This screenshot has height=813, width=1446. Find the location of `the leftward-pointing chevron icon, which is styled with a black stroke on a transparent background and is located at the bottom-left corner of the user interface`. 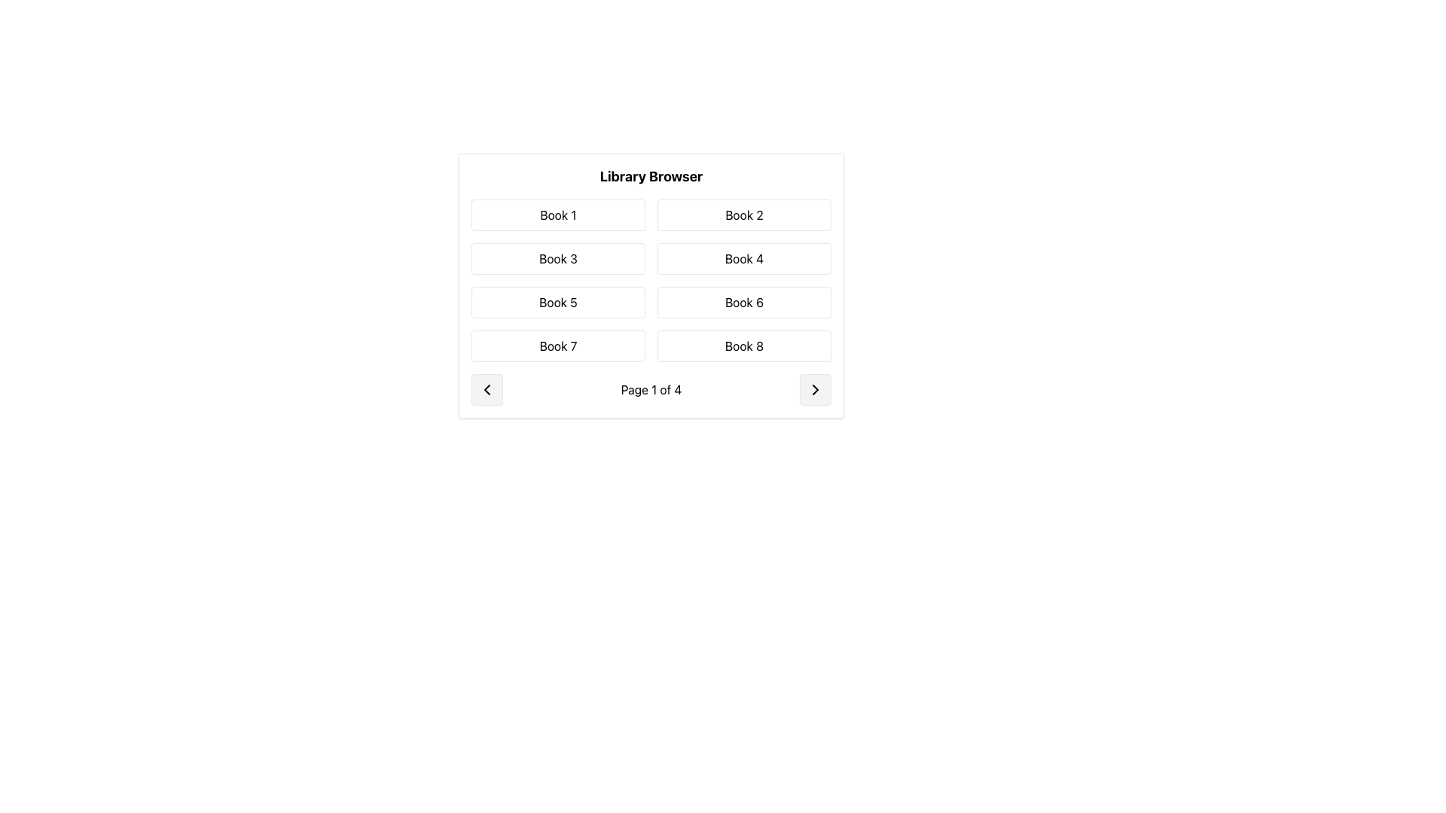

the leftward-pointing chevron icon, which is styled with a black stroke on a transparent background and is located at the bottom-left corner of the user interface is located at coordinates (487, 388).